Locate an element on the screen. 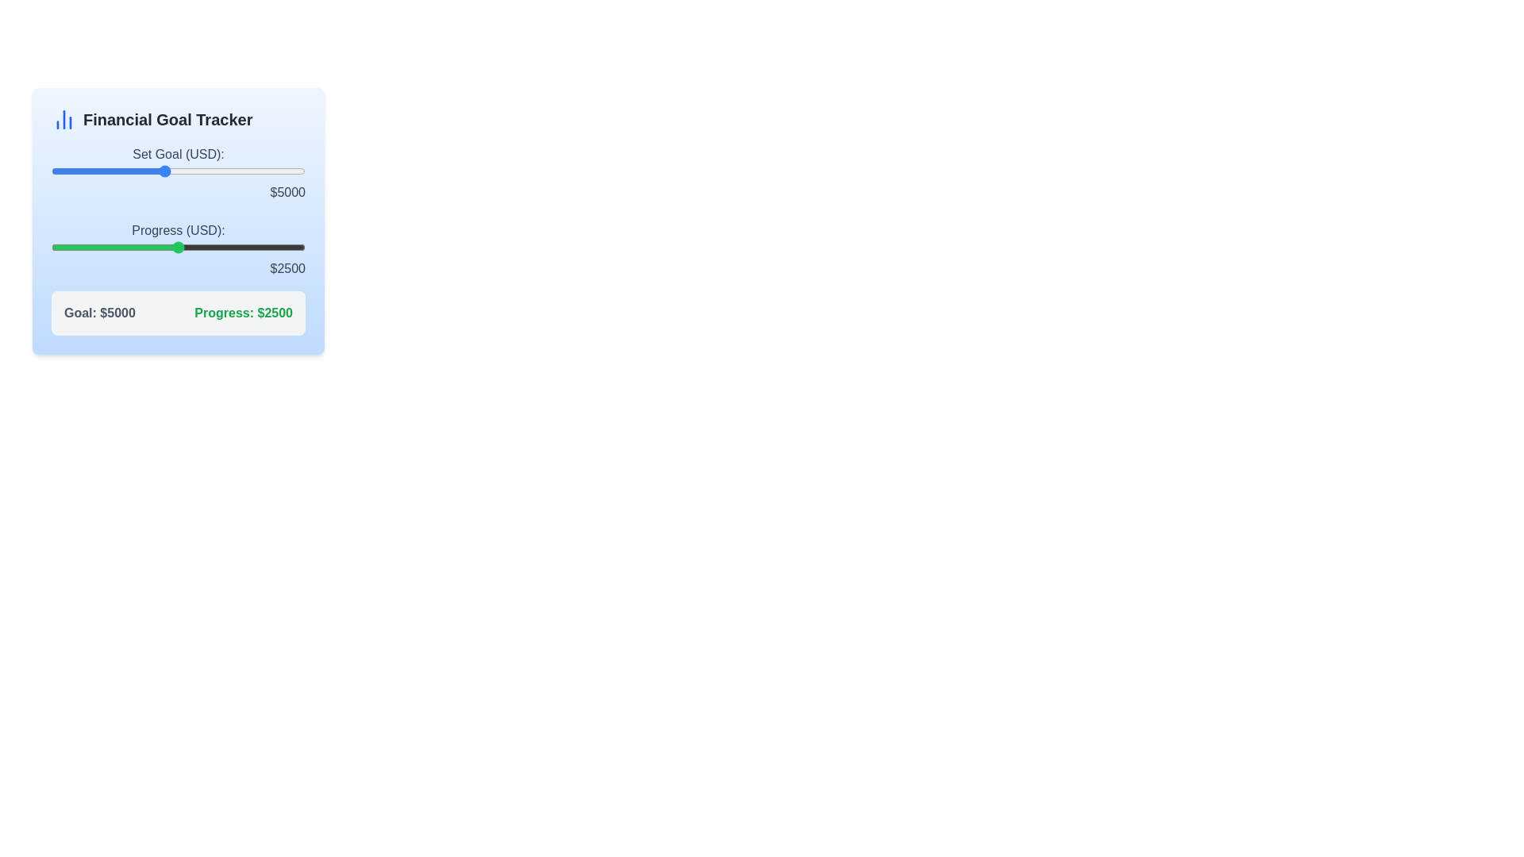 The image size is (1524, 857). the financial goal slider to 3798 USD is located at coordinates (130, 171).